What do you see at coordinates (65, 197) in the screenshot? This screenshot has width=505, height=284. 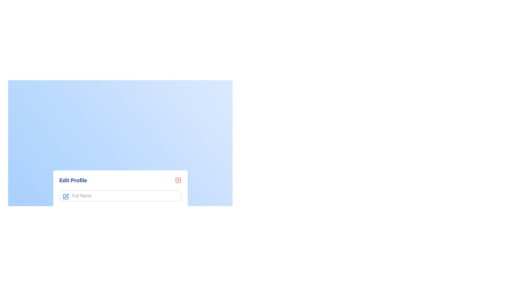 I see `the edit icon located to the left of the 'Full Name' input field` at bounding box center [65, 197].